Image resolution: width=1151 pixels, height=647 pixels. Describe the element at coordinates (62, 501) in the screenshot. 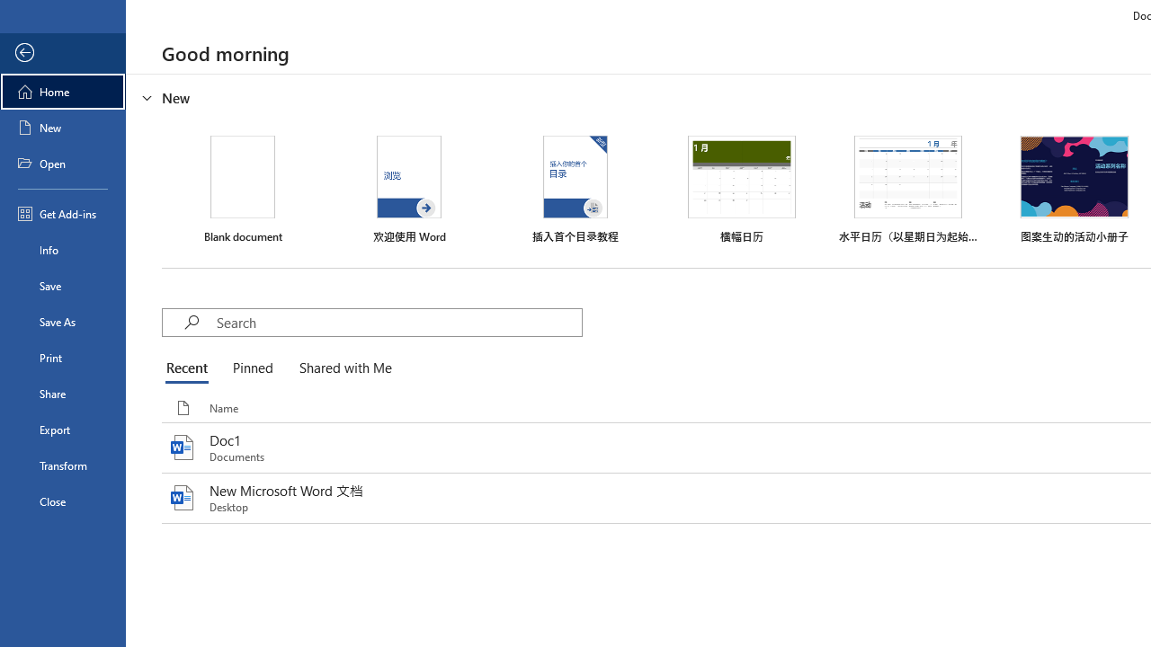

I see `'Close'` at that location.